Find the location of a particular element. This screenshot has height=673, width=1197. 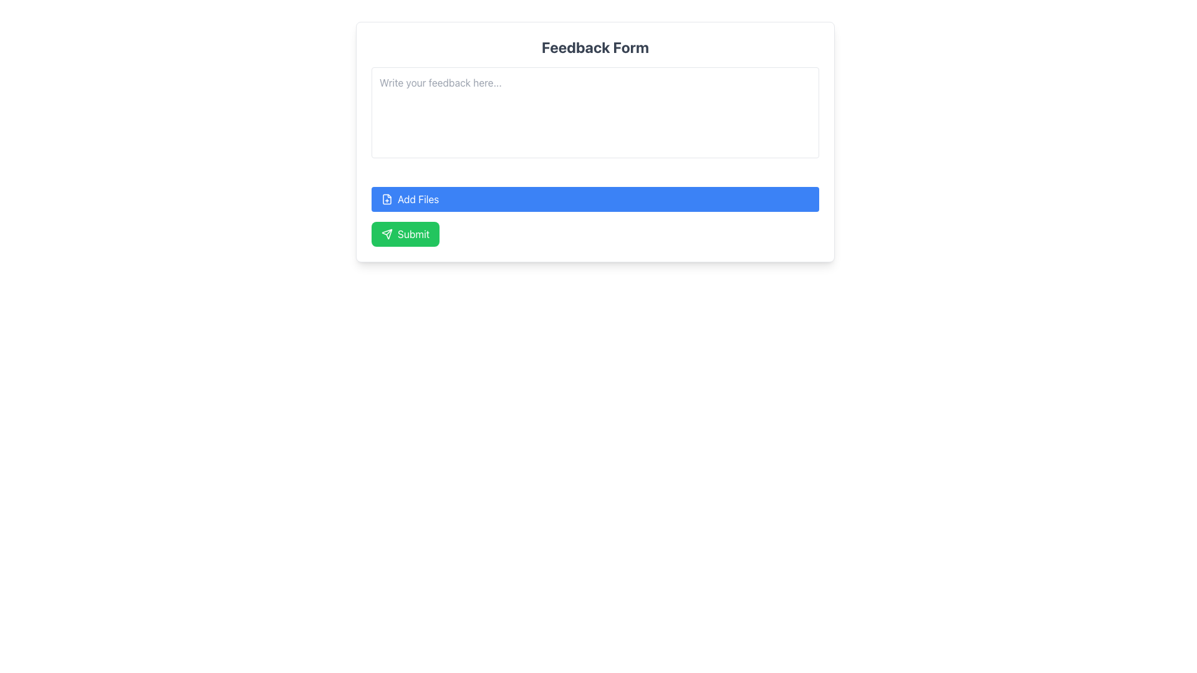

the paper airplane SVG icon, which is located on the leftmost side of the green 'Submit' button is located at coordinates (386, 234).